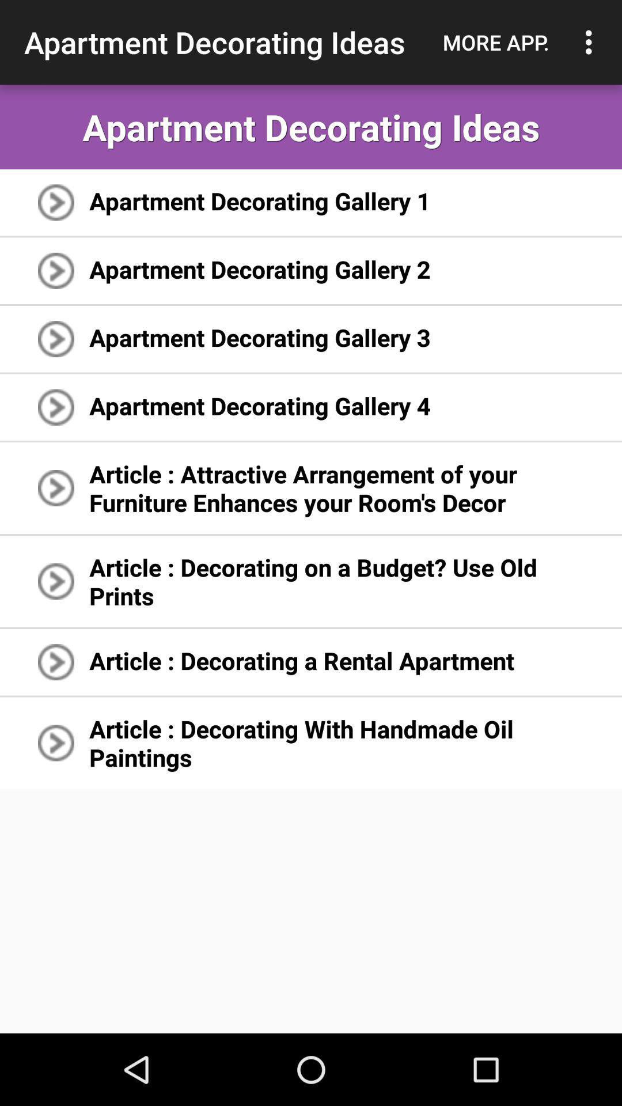 The image size is (622, 1106). I want to click on the app above the apartment decorating ideas app, so click(591, 42).